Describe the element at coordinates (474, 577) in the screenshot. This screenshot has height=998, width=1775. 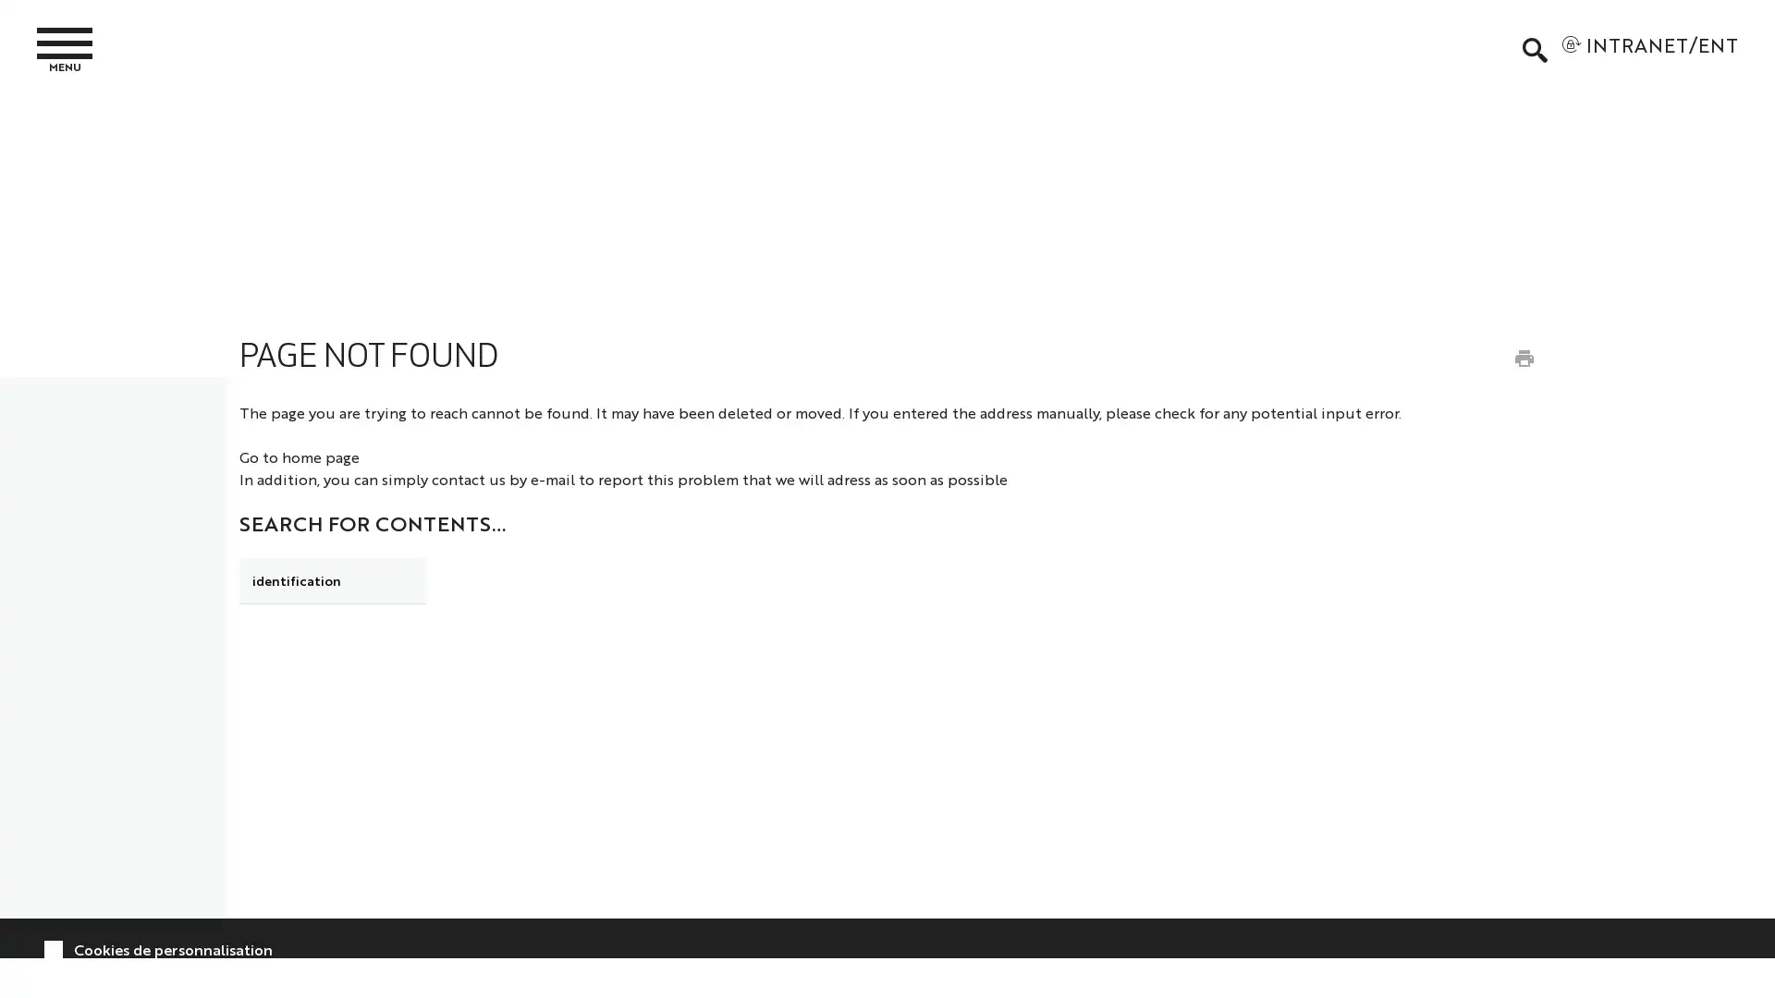
I see `Search` at that location.